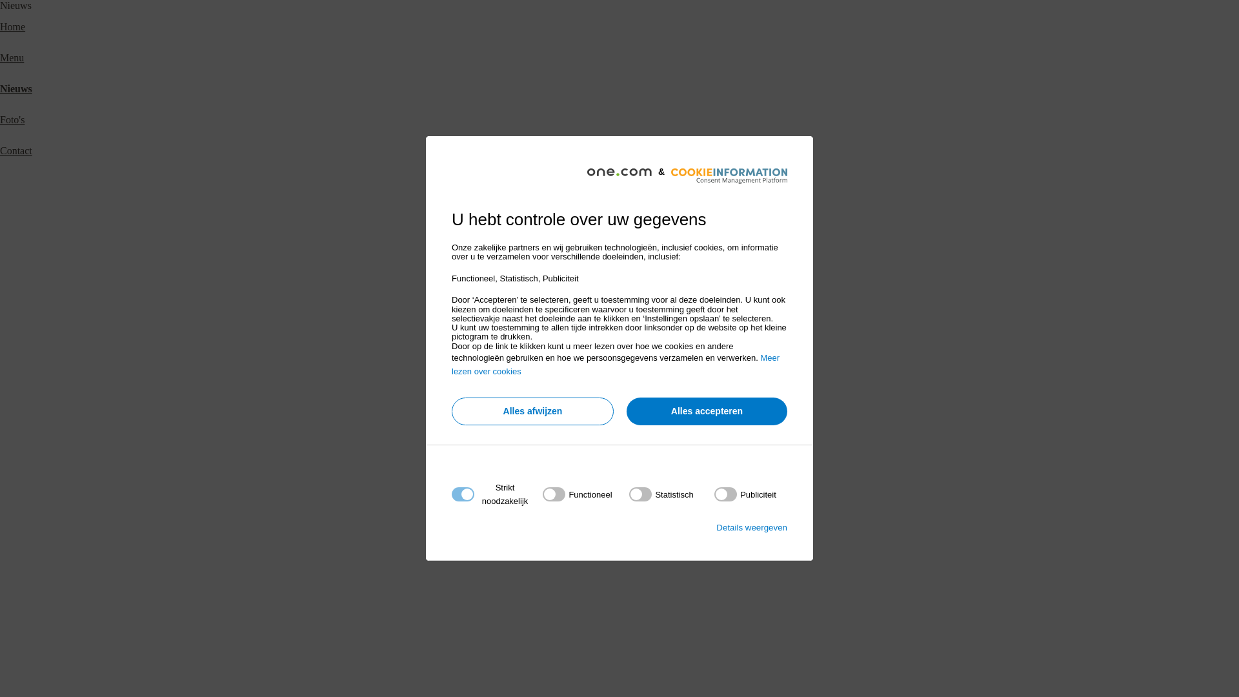 The image size is (1239, 697). What do you see at coordinates (0, 150) in the screenshot?
I see `'Contact'` at bounding box center [0, 150].